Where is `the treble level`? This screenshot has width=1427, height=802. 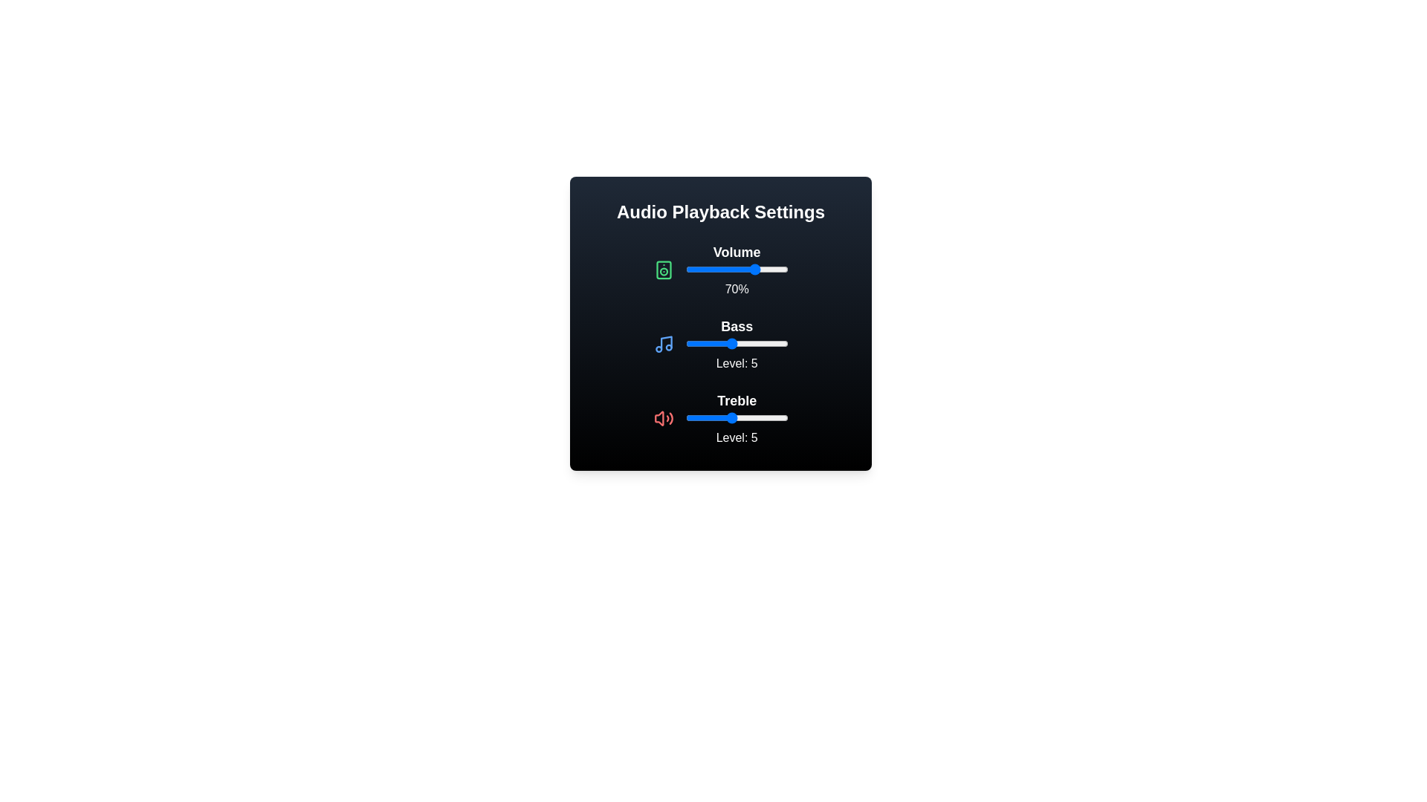 the treble level is located at coordinates (776, 418).